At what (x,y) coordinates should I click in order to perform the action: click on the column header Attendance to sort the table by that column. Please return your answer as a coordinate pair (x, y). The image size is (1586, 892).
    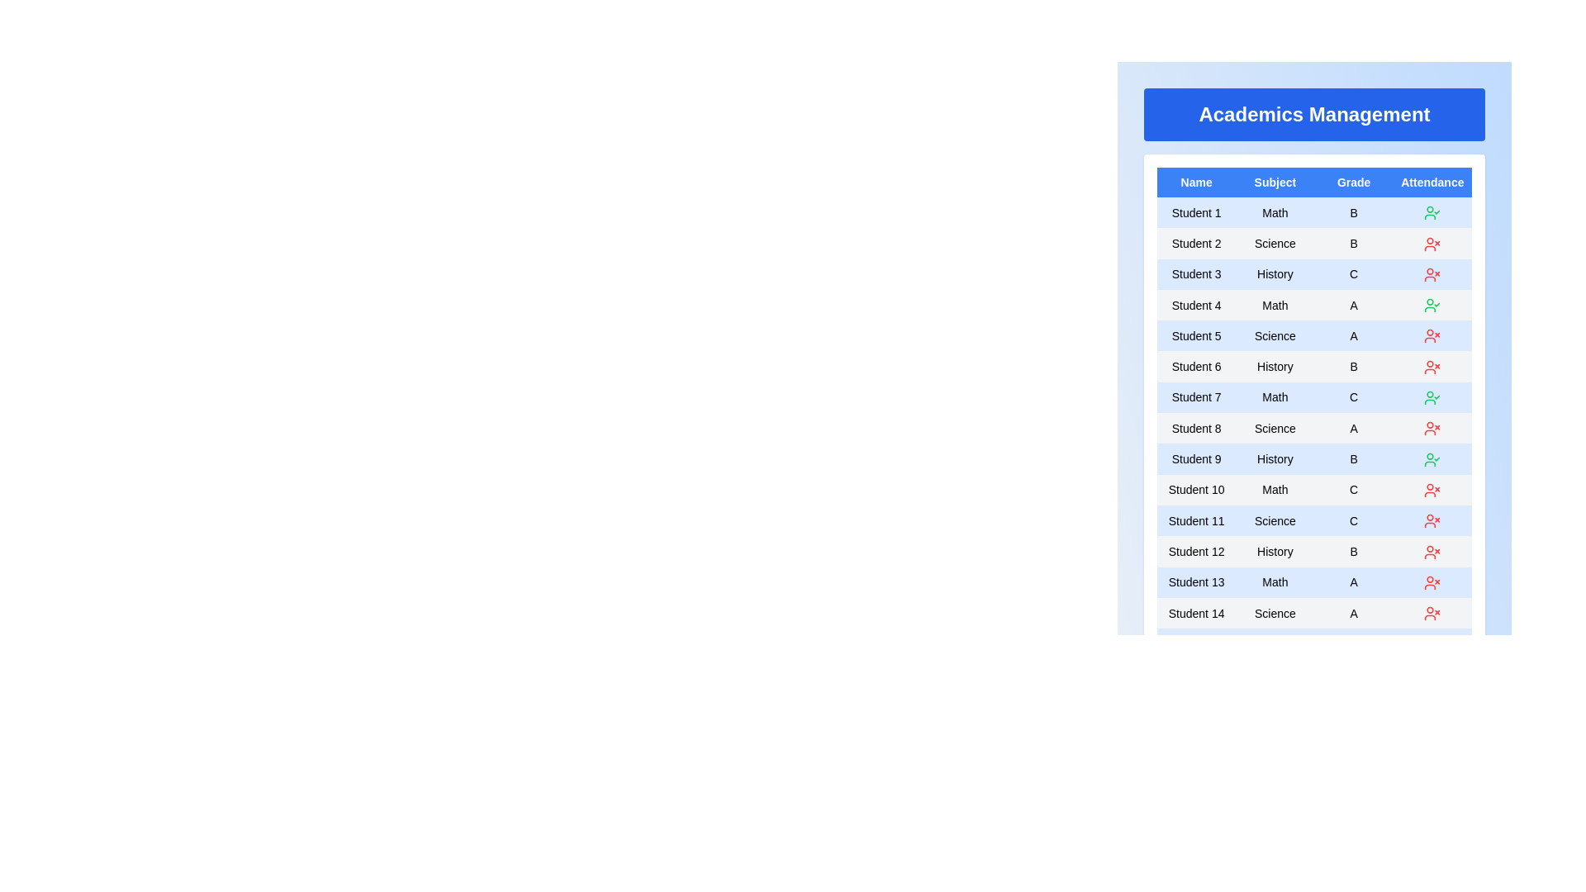
    Looking at the image, I should click on (1432, 182).